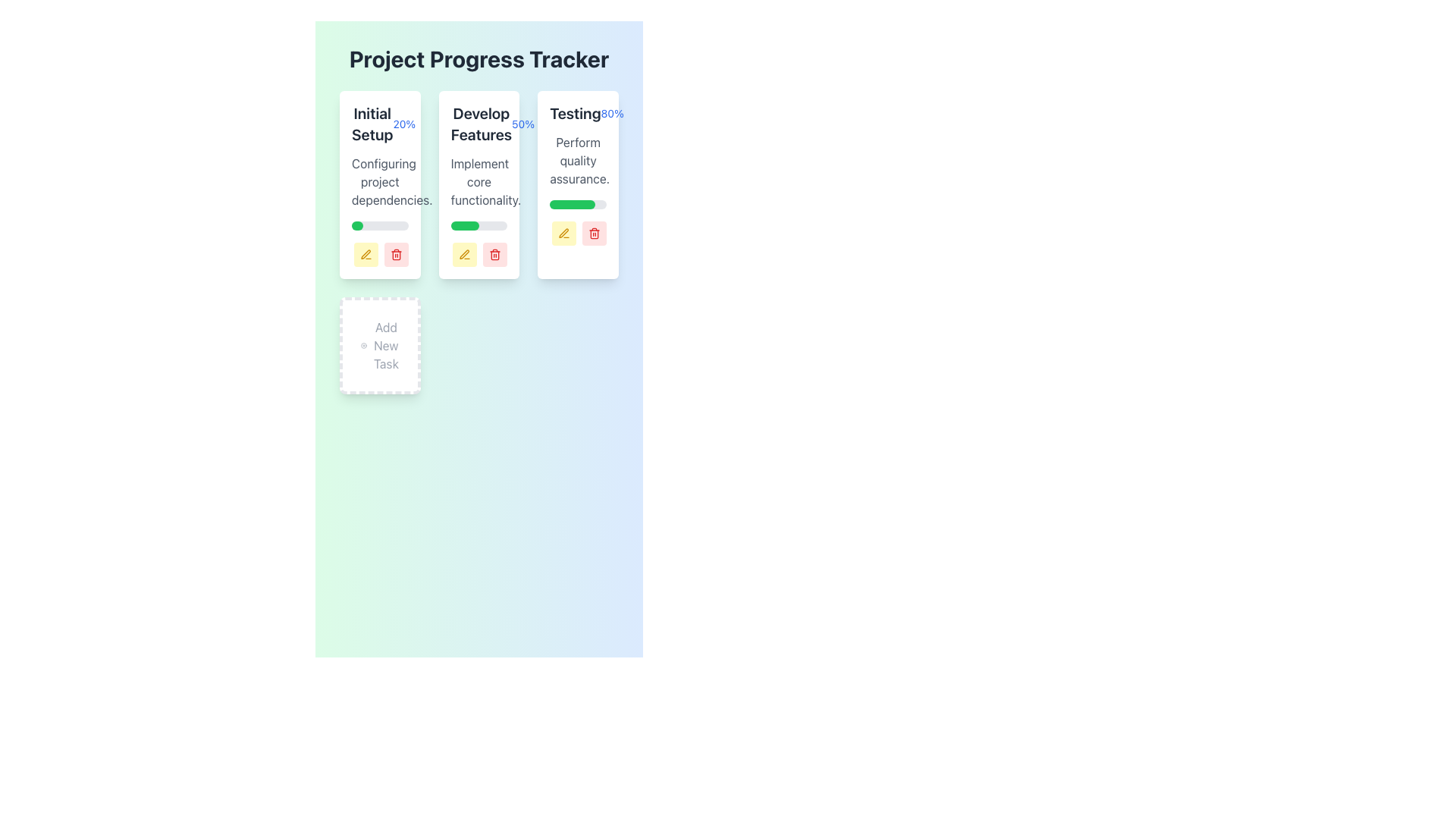 Image resolution: width=1456 pixels, height=819 pixels. Describe the element at coordinates (577, 184) in the screenshot. I see `the progress bar of the Card Component titled 'Testing', which displays a progress percentage of '80%' and is located in the third column of the grid layout` at that location.